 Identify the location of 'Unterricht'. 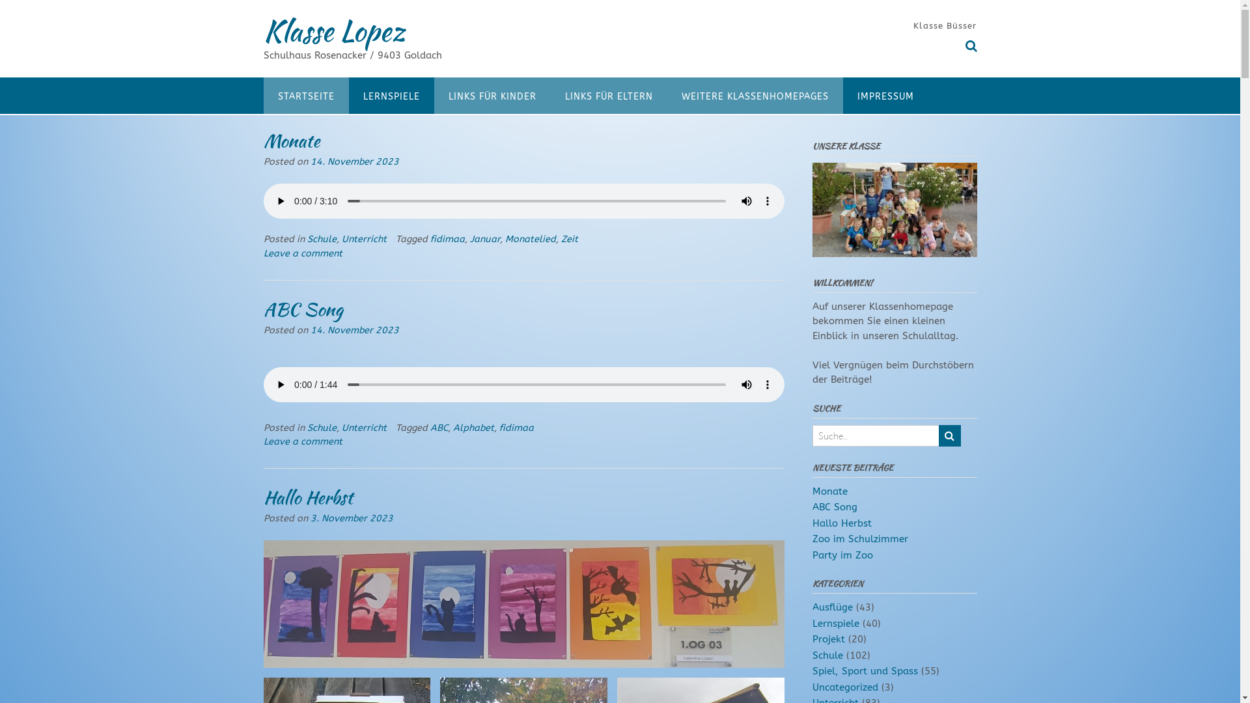
(363, 239).